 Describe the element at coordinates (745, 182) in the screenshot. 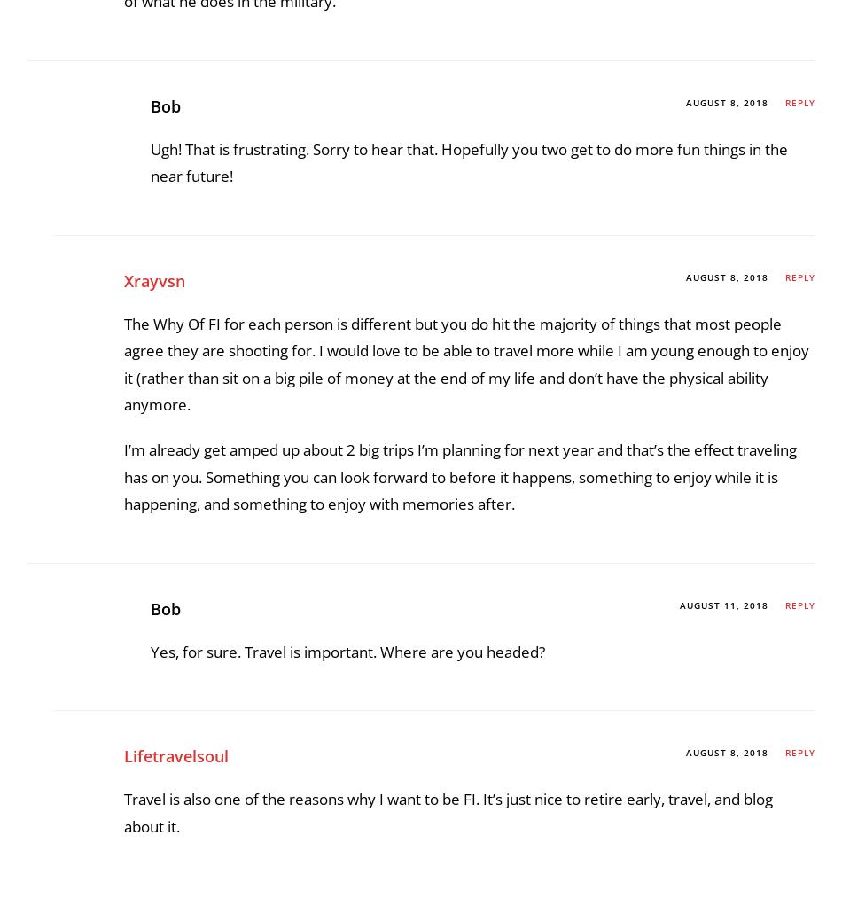

I see `'saving money'` at that location.